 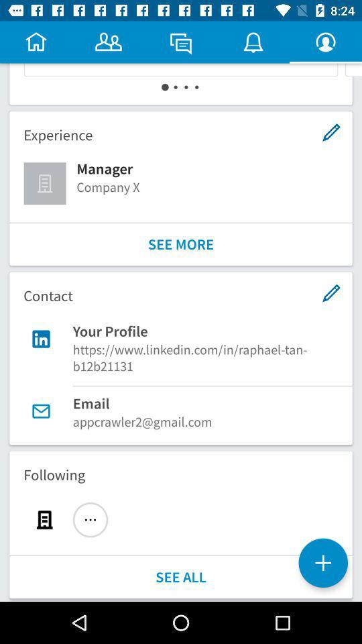 I want to click on the add icon, so click(x=322, y=563).